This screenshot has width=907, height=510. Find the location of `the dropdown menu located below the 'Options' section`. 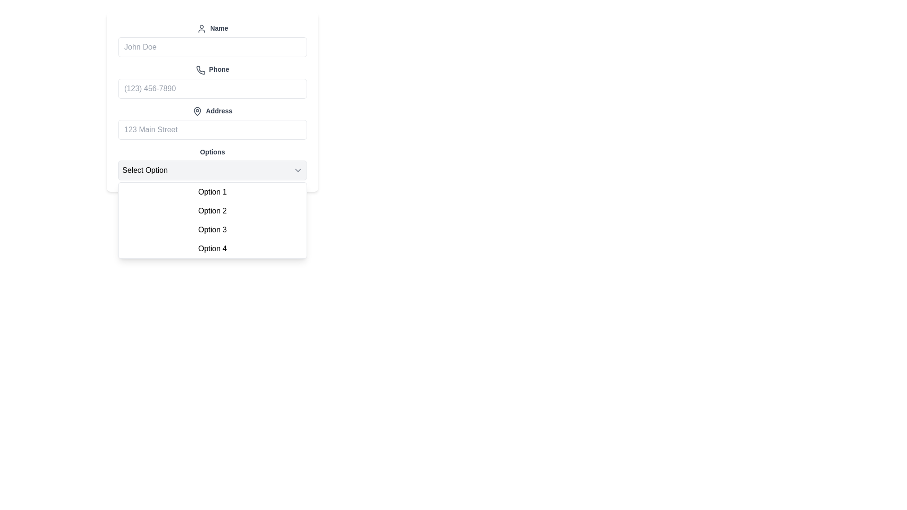

the dropdown menu located below the 'Options' section is located at coordinates (212, 220).